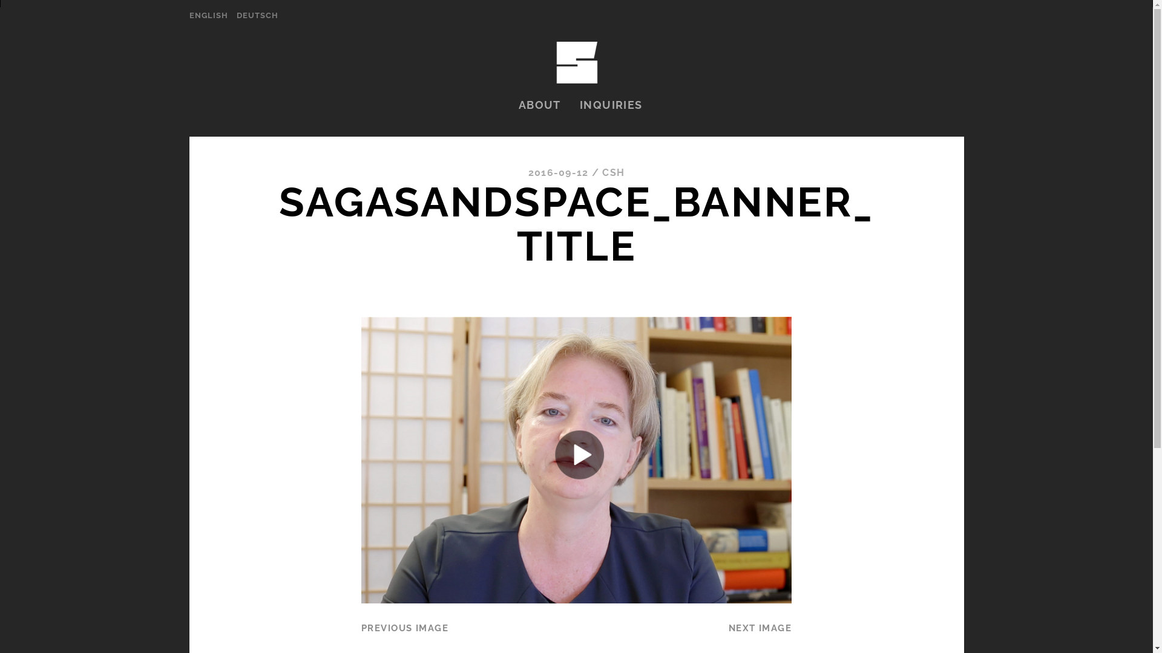 This screenshot has height=653, width=1162. What do you see at coordinates (257, 16) in the screenshot?
I see `'DEUTSCH'` at bounding box center [257, 16].